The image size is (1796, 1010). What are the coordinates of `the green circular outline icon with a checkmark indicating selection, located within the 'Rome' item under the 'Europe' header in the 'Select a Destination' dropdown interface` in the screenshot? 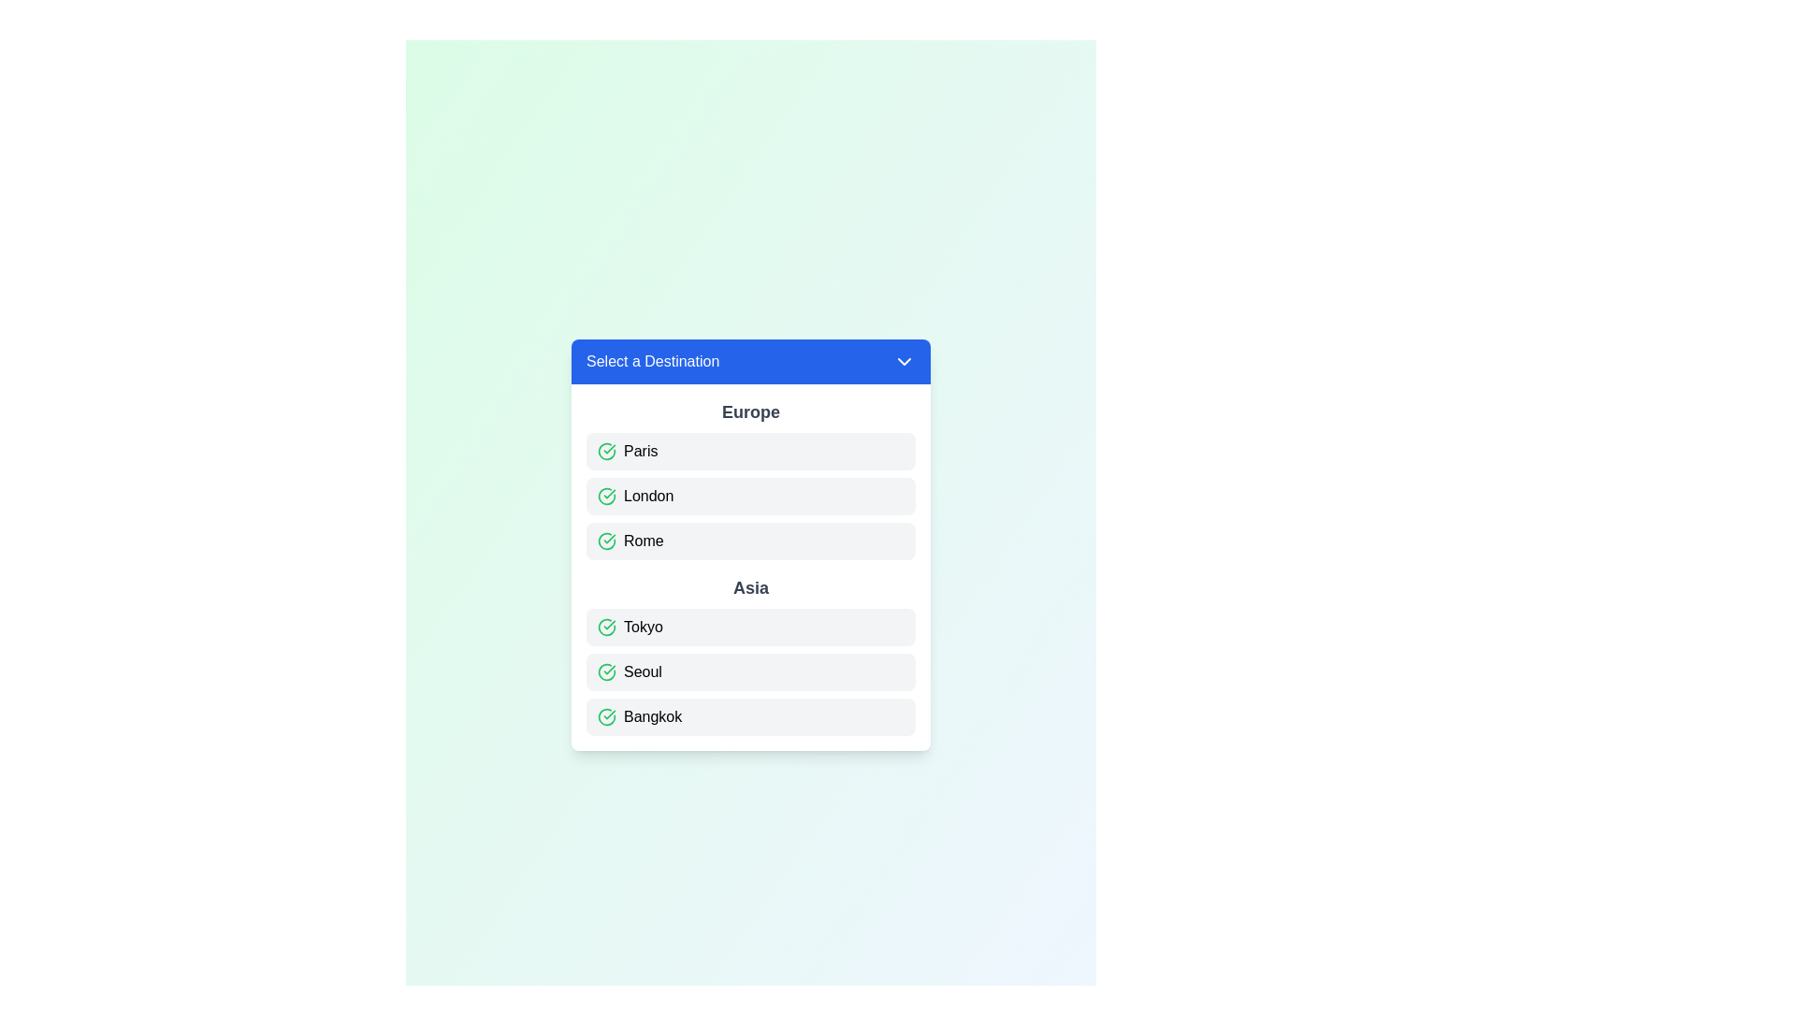 It's located at (606, 541).